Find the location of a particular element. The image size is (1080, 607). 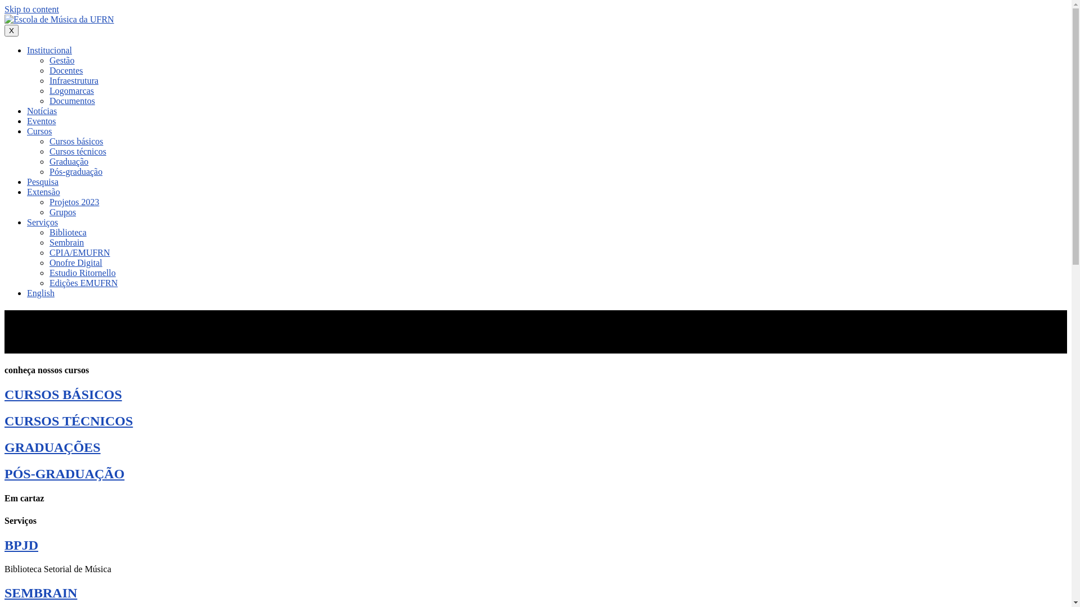

'Cursos' is located at coordinates (39, 130).